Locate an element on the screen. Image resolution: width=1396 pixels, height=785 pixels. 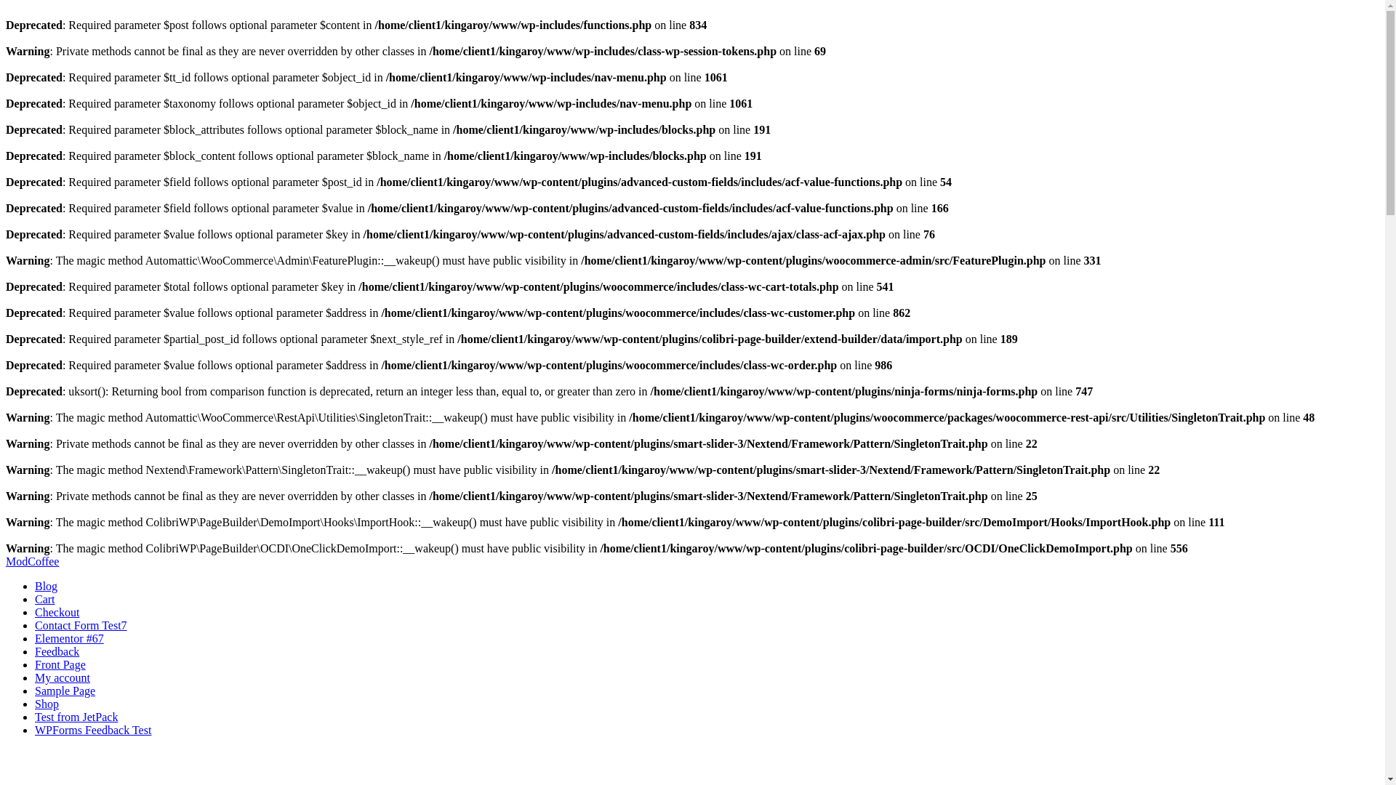
'Sample Page' is located at coordinates (64, 690).